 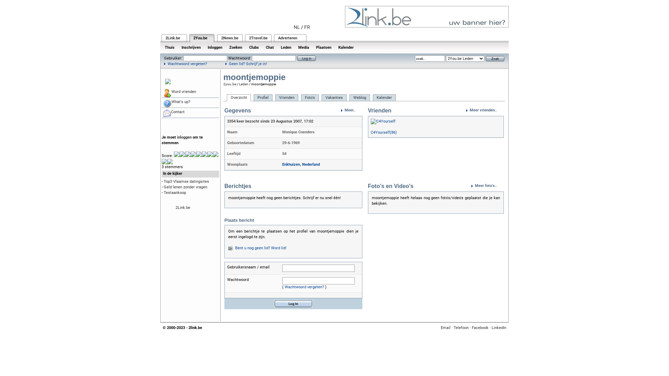 What do you see at coordinates (230, 38) in the screenshot?
I see `'2News.be'` at bounding box center [230, 38].